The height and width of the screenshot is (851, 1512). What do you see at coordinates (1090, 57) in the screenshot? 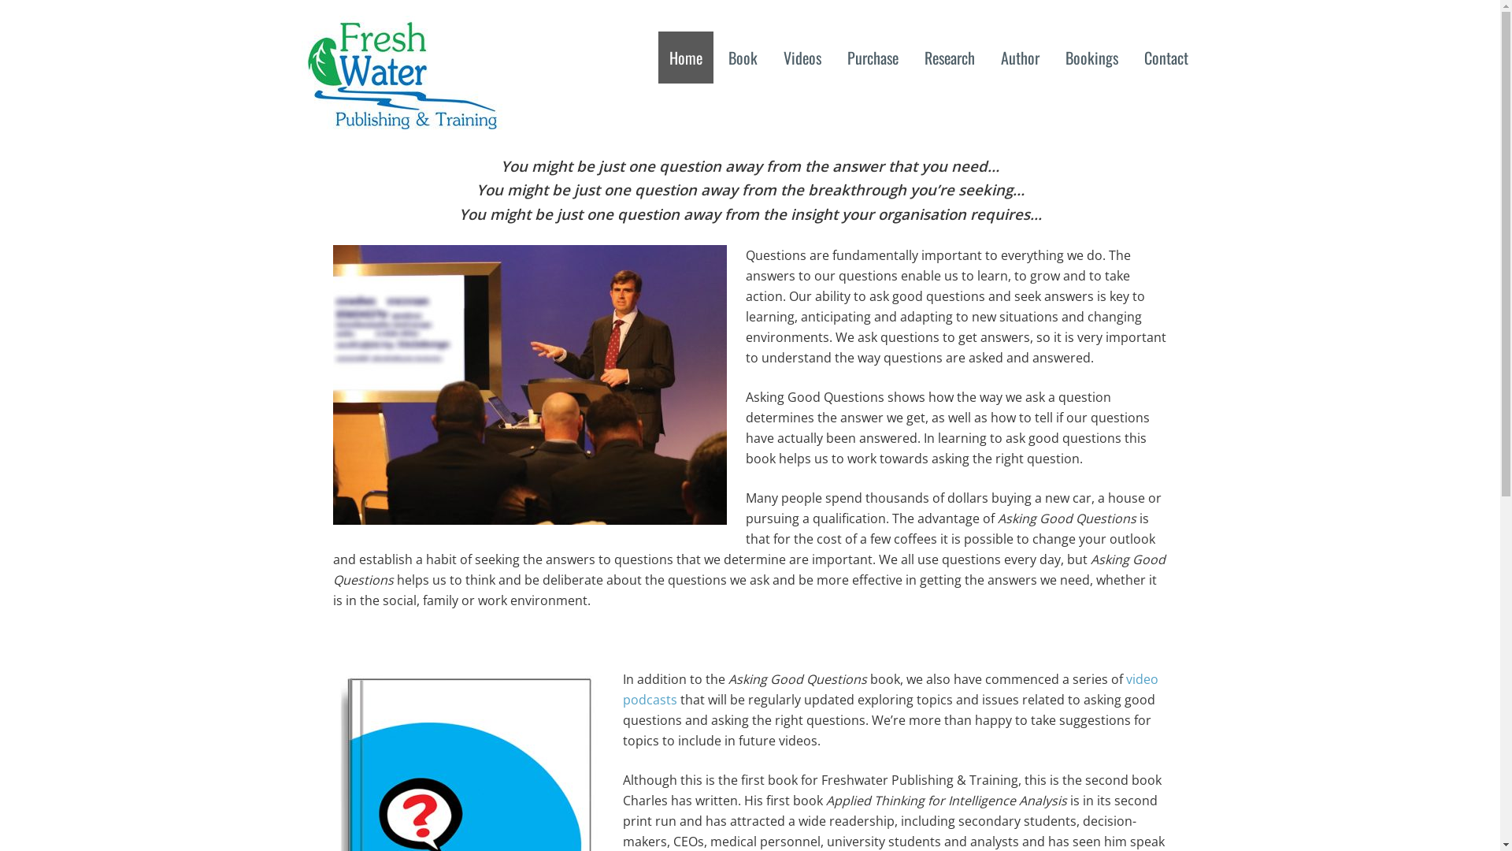
I see `'Bookings'` at bounding box center [1090, 57].